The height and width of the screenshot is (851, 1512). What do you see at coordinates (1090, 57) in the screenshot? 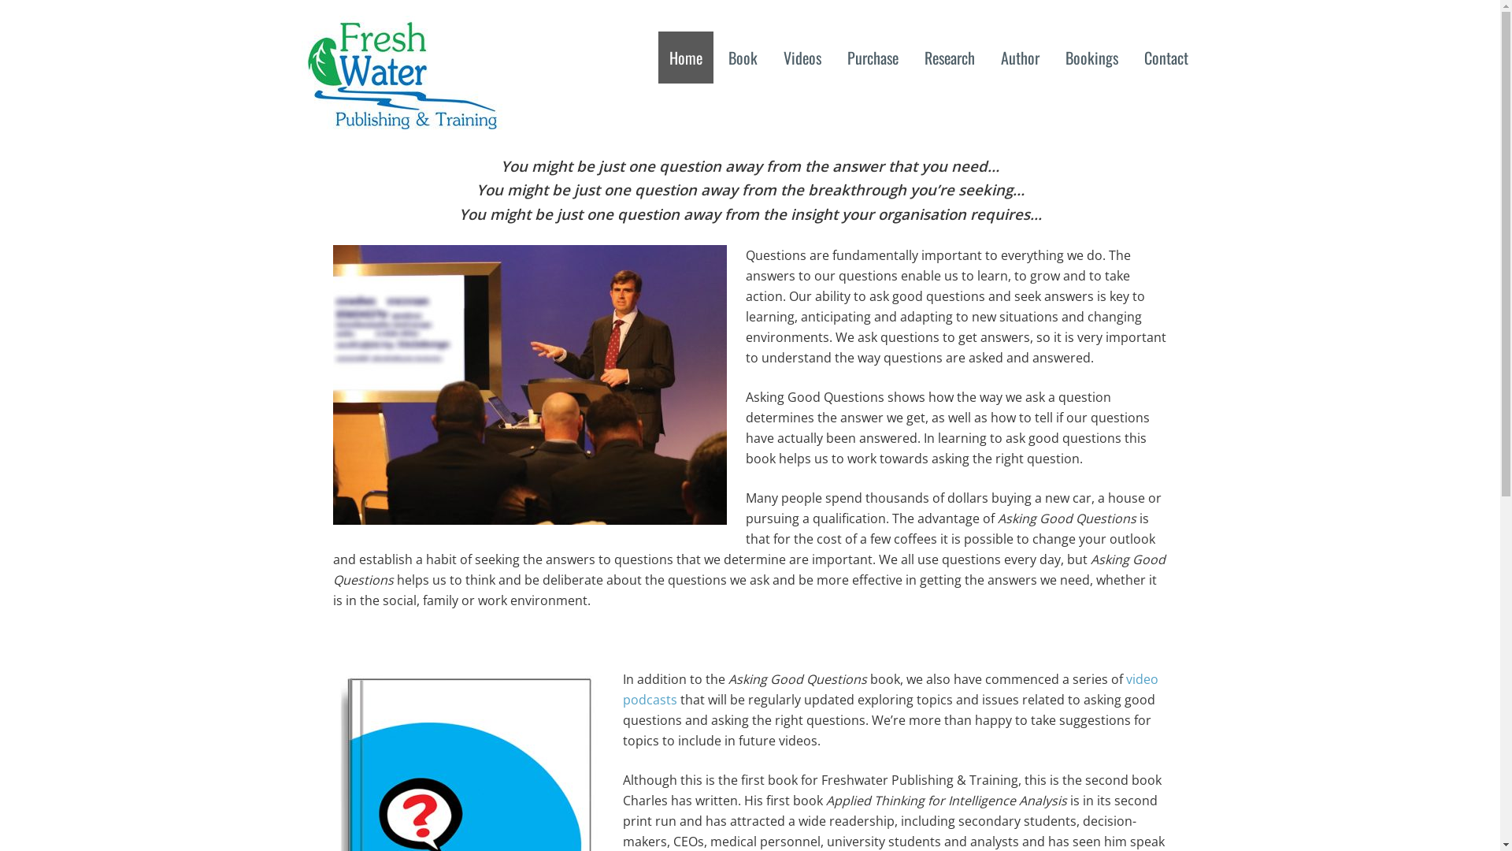
I see `'Bookings'` at bounding box center [1090, 57].